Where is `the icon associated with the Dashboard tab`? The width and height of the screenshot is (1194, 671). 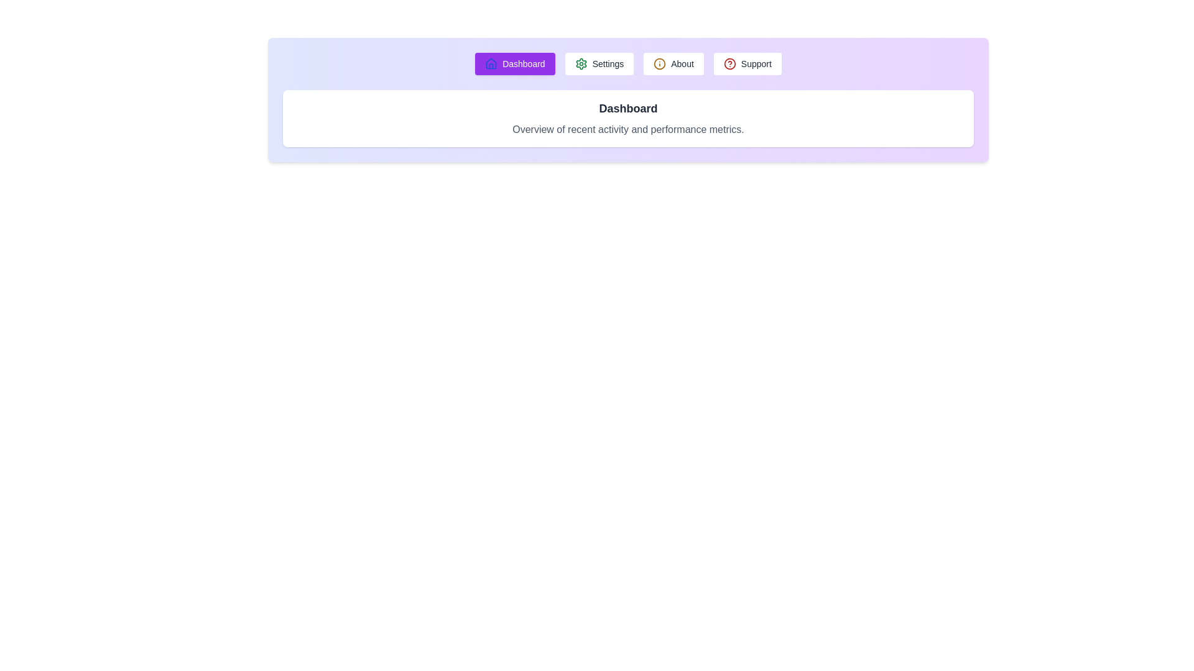 the icon associated with the Dashboard tab is located at coordinates (491, 64).